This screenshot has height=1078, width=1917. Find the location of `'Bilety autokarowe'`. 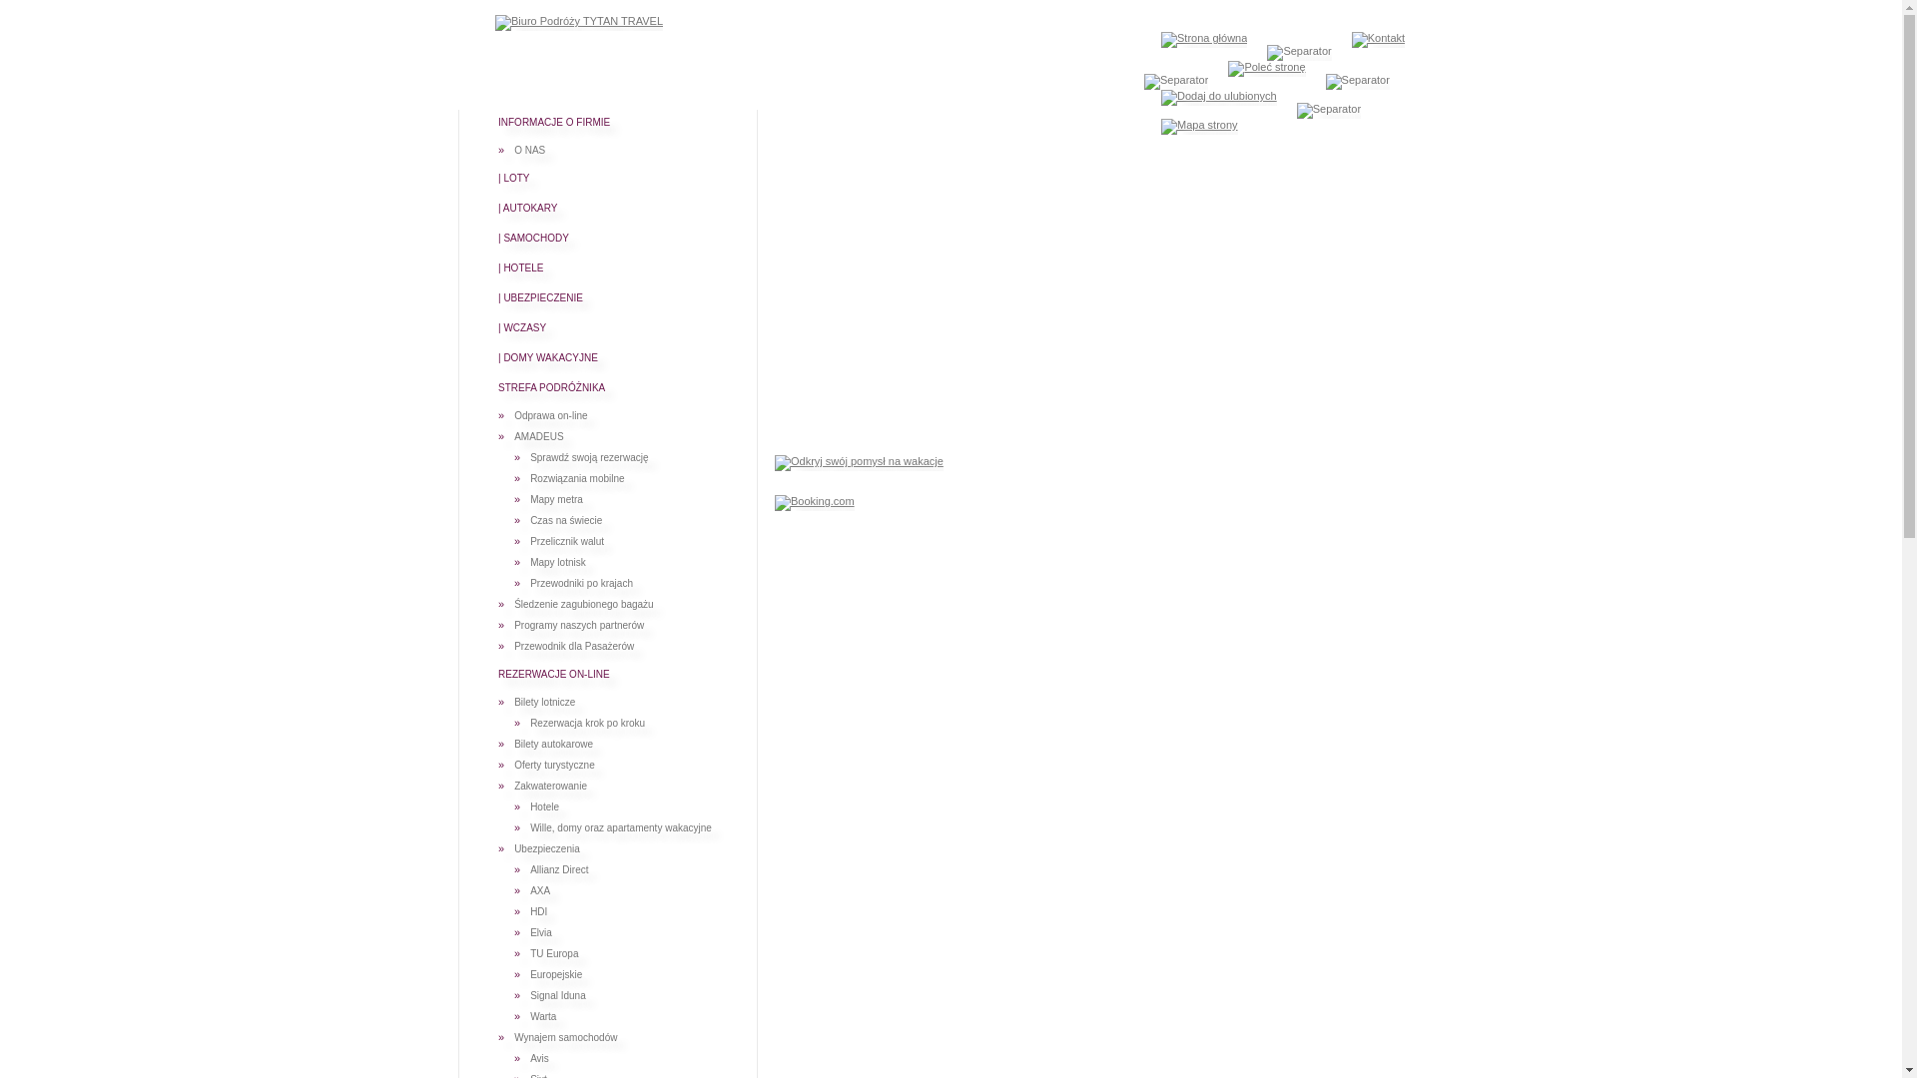

'Bilety autokarowe' is located at coordinates (513, 744).